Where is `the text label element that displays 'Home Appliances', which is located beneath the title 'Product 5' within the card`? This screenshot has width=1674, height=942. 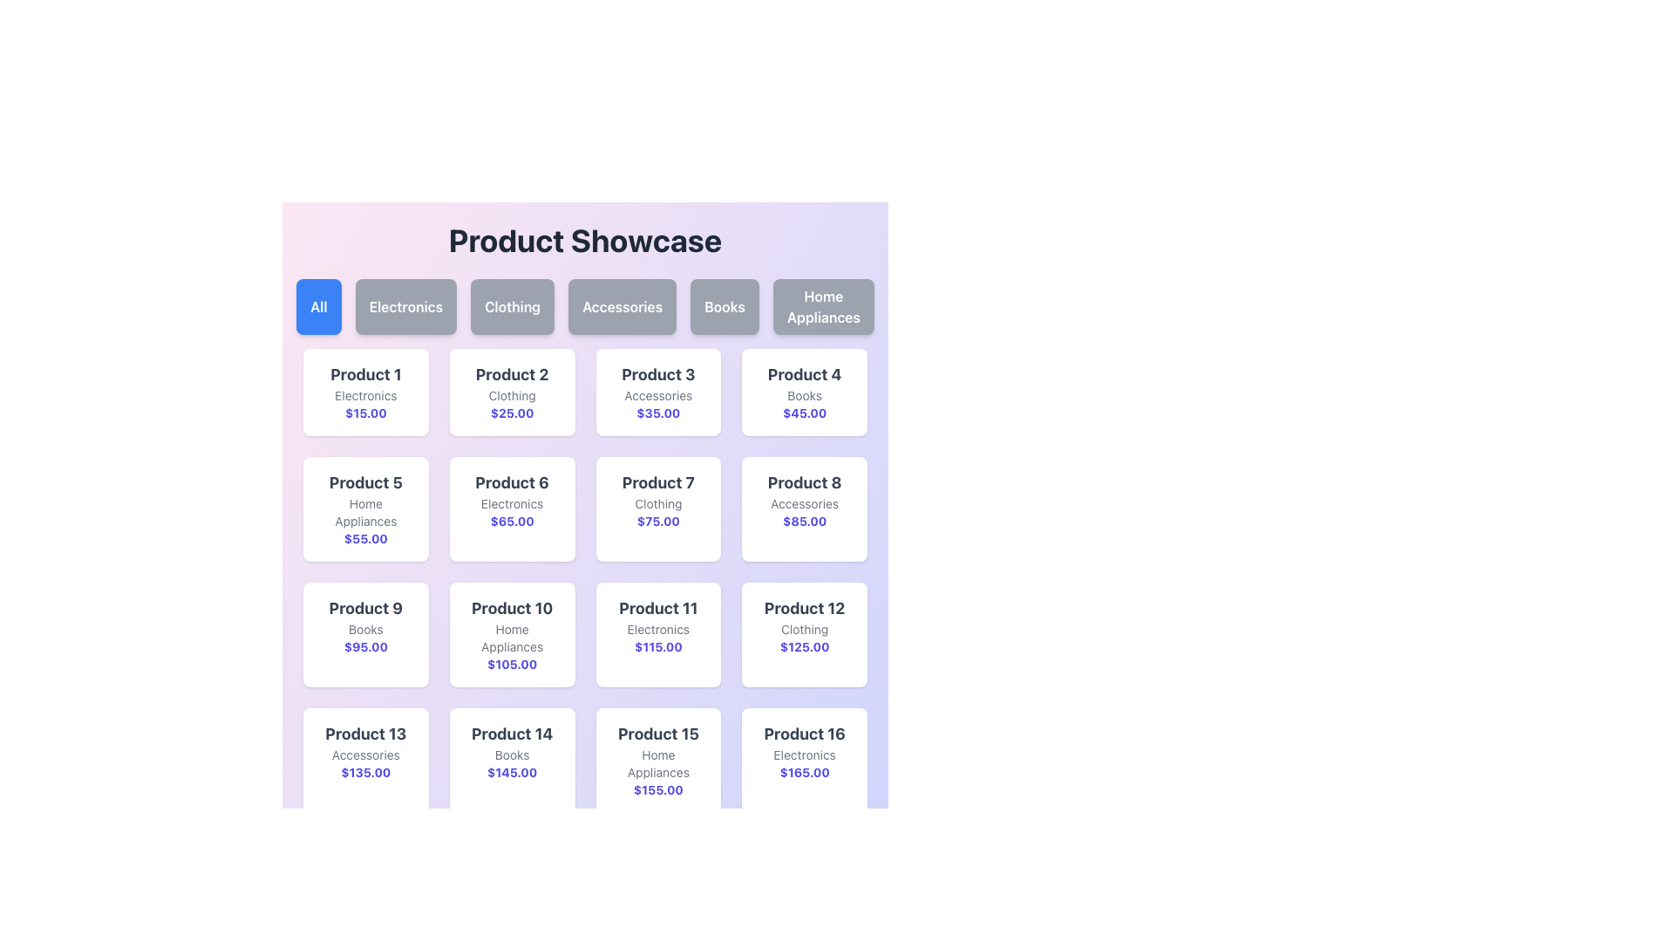 the text label element that displays 'Home Appliances', which is located beneath the title 'Product 5' within the card is located at coordinates (364, 511).